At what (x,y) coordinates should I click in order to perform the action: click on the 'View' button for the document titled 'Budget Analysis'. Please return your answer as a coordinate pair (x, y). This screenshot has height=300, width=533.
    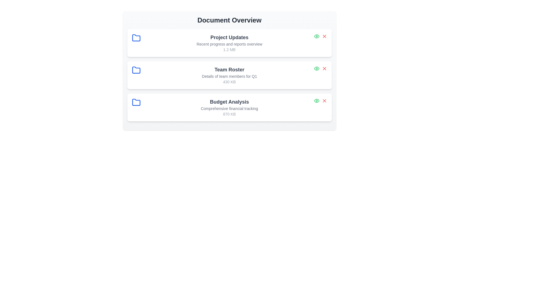
    Looking at the image, I should click on (316, 101).